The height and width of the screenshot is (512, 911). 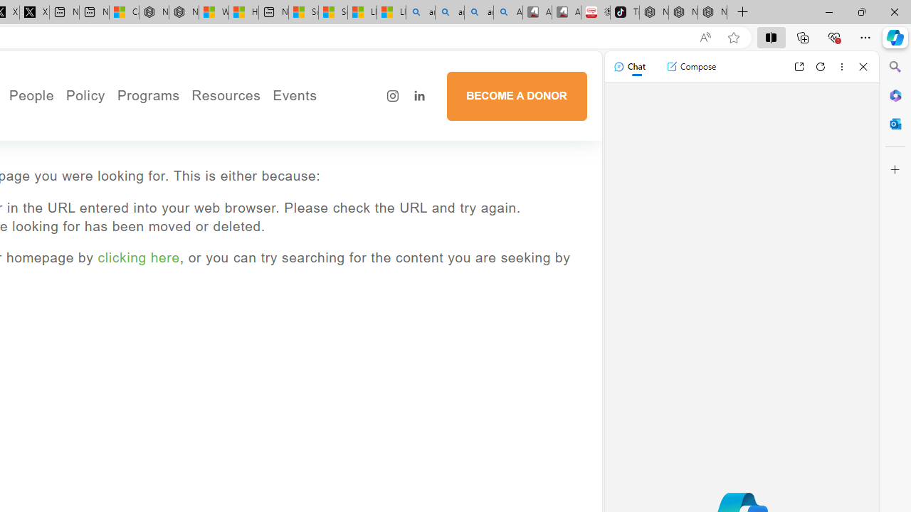 I want to click on 'Amazon Echo Robot - Search Images', so click(x=507, y=12).